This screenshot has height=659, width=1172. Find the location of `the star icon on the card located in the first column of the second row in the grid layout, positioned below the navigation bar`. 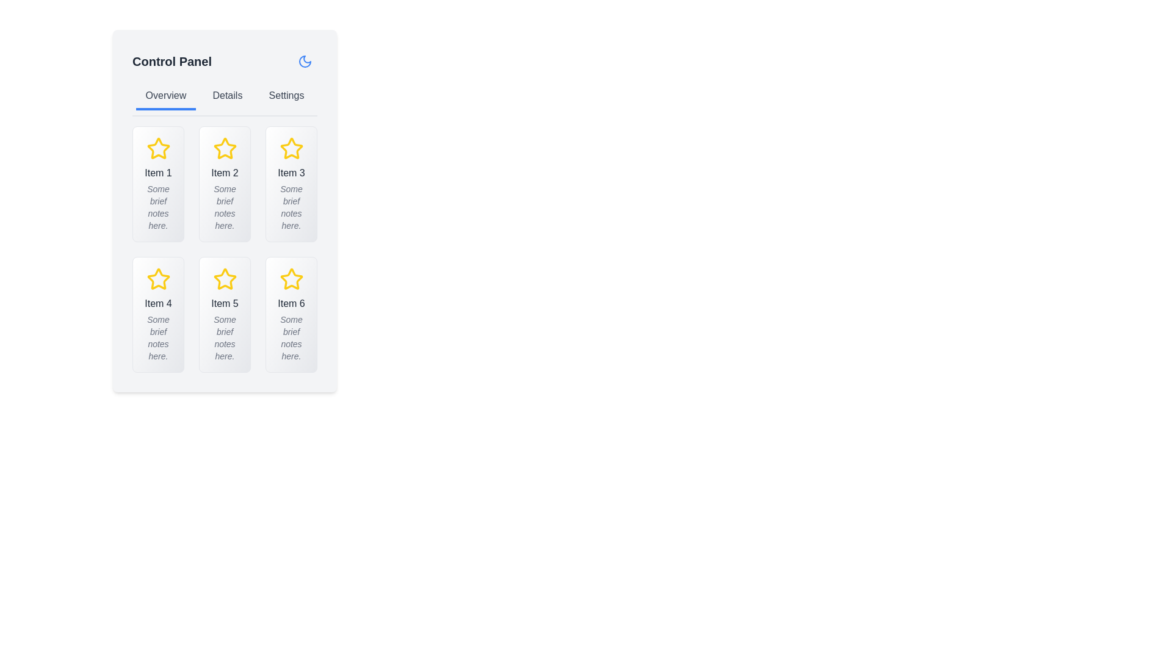

the star icon on the card located in the first column of the second row in the grid layout, positioned below the navigation bar is located at coordinates (157, 314).